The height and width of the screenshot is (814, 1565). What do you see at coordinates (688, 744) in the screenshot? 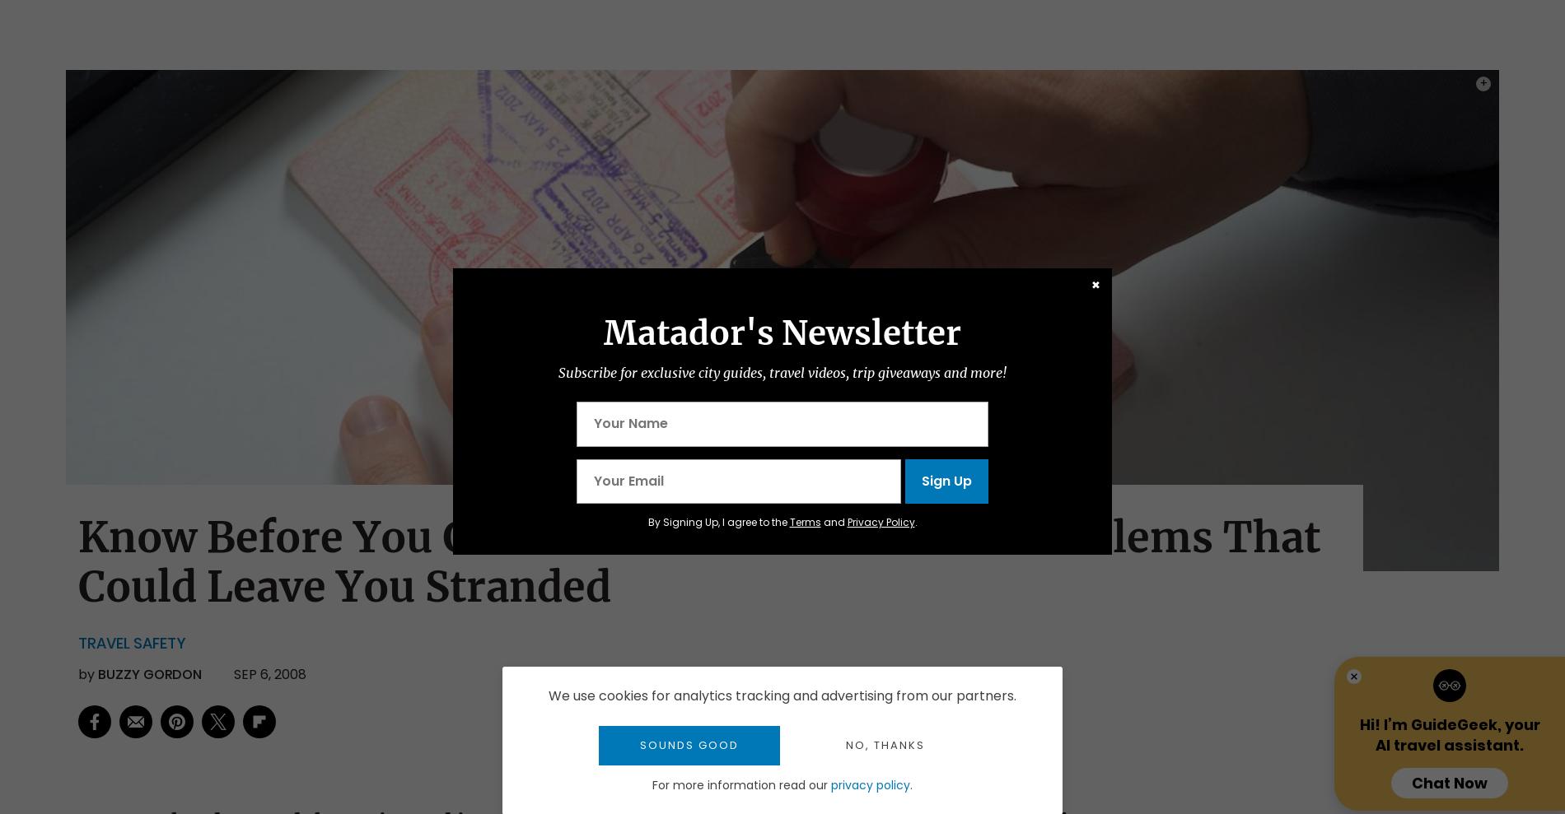
I see `'Sounds good'` at bounding box center [688, 744].